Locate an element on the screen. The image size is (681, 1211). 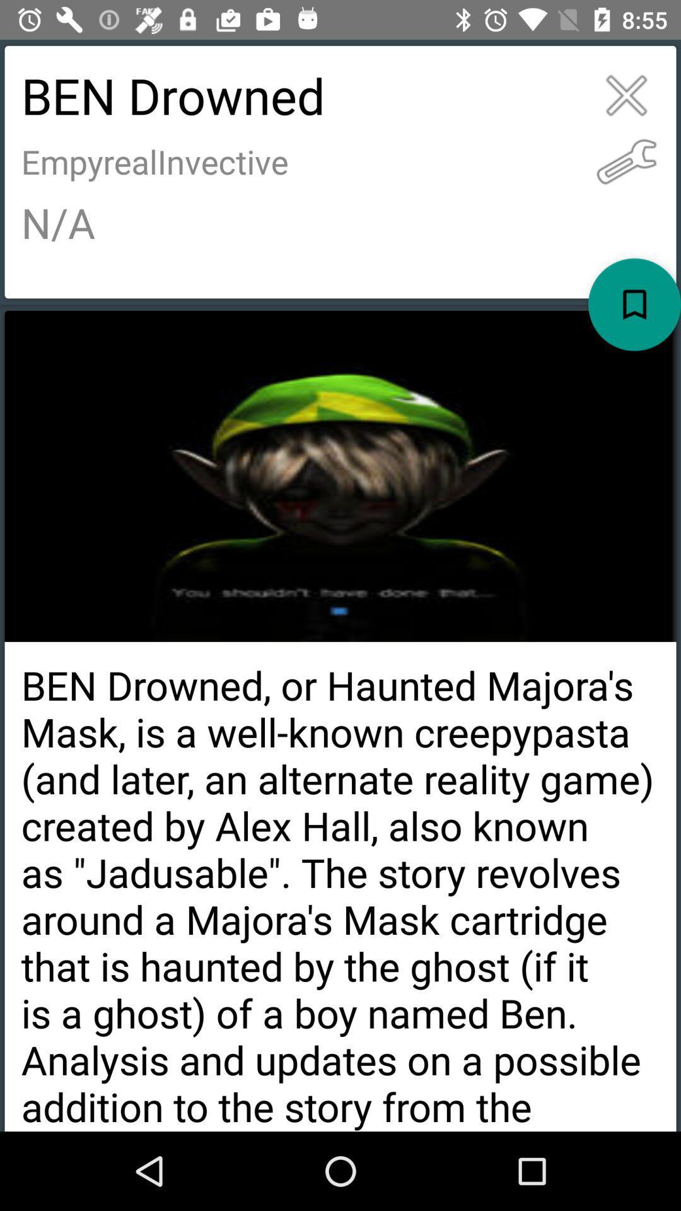
bookmark the article is located at coordinates (634, 305).